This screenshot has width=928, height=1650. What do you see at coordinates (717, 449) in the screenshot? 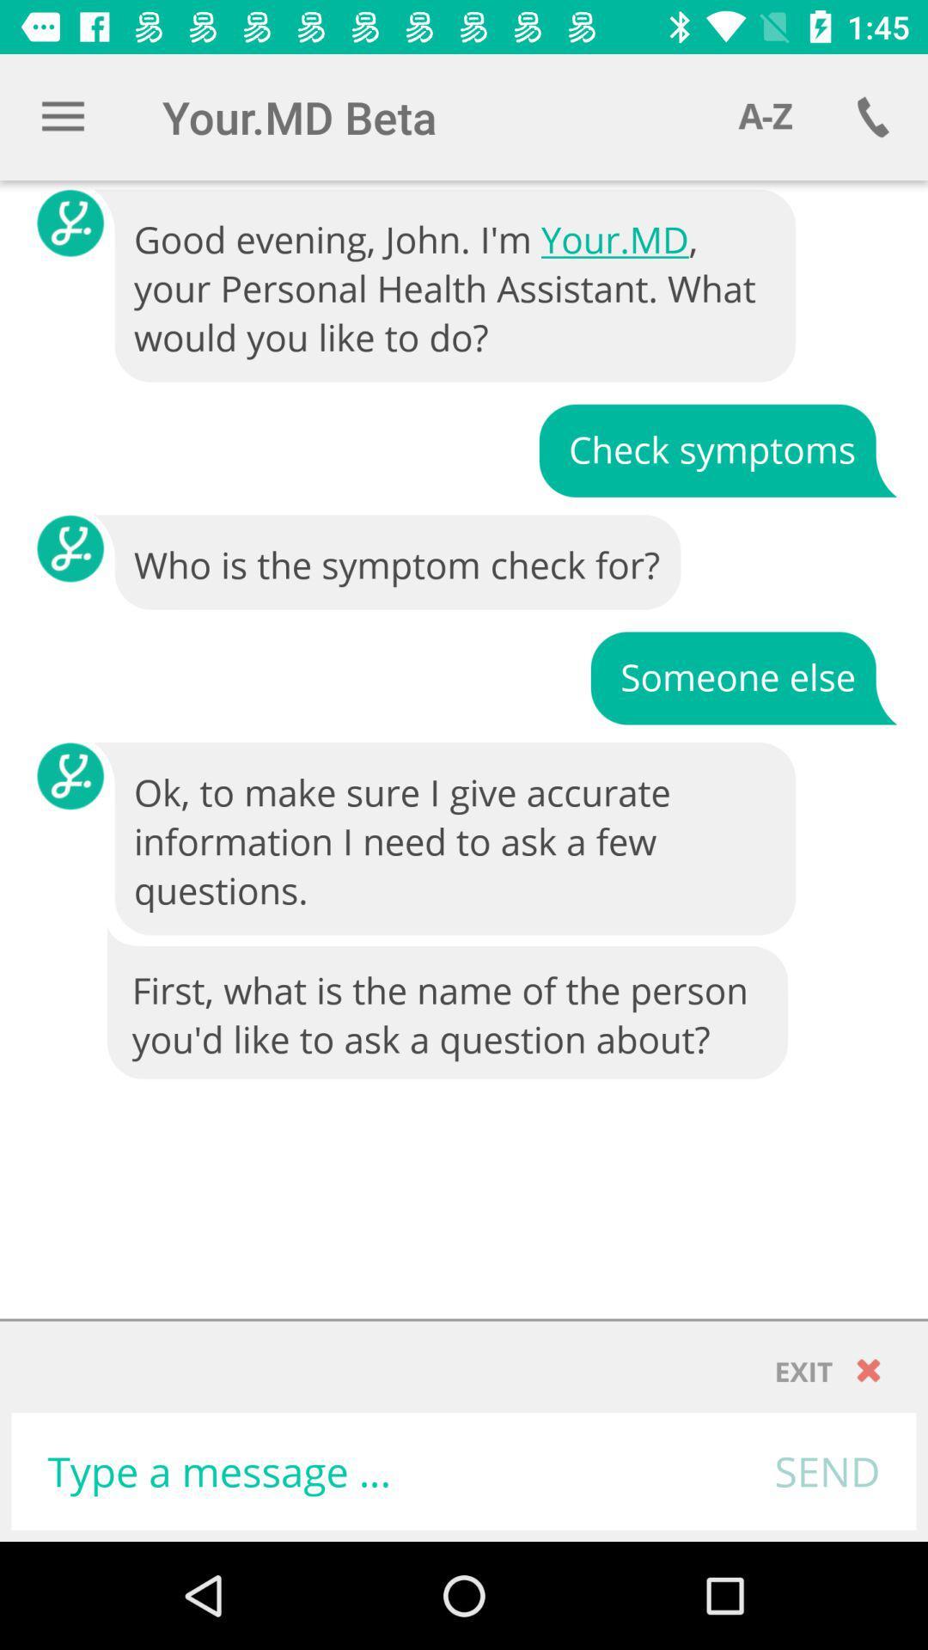
I see `the item below good evening john` at bounding box center [717, 449].